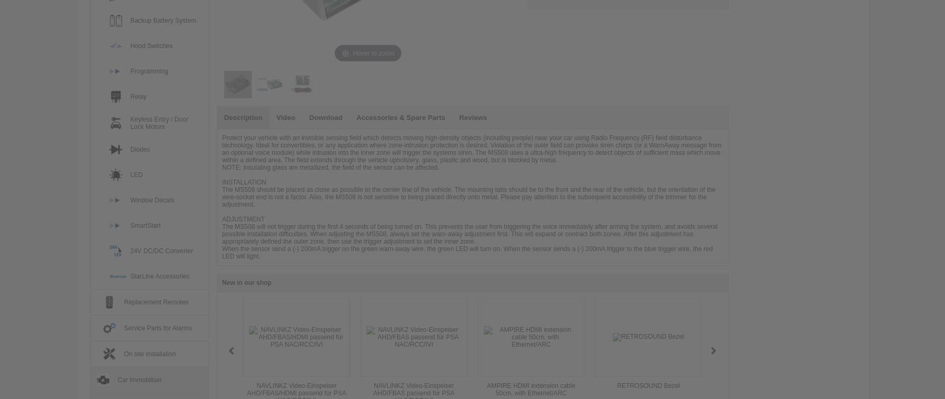  I want to click on 'Hover to zoom', so click(373, 53).